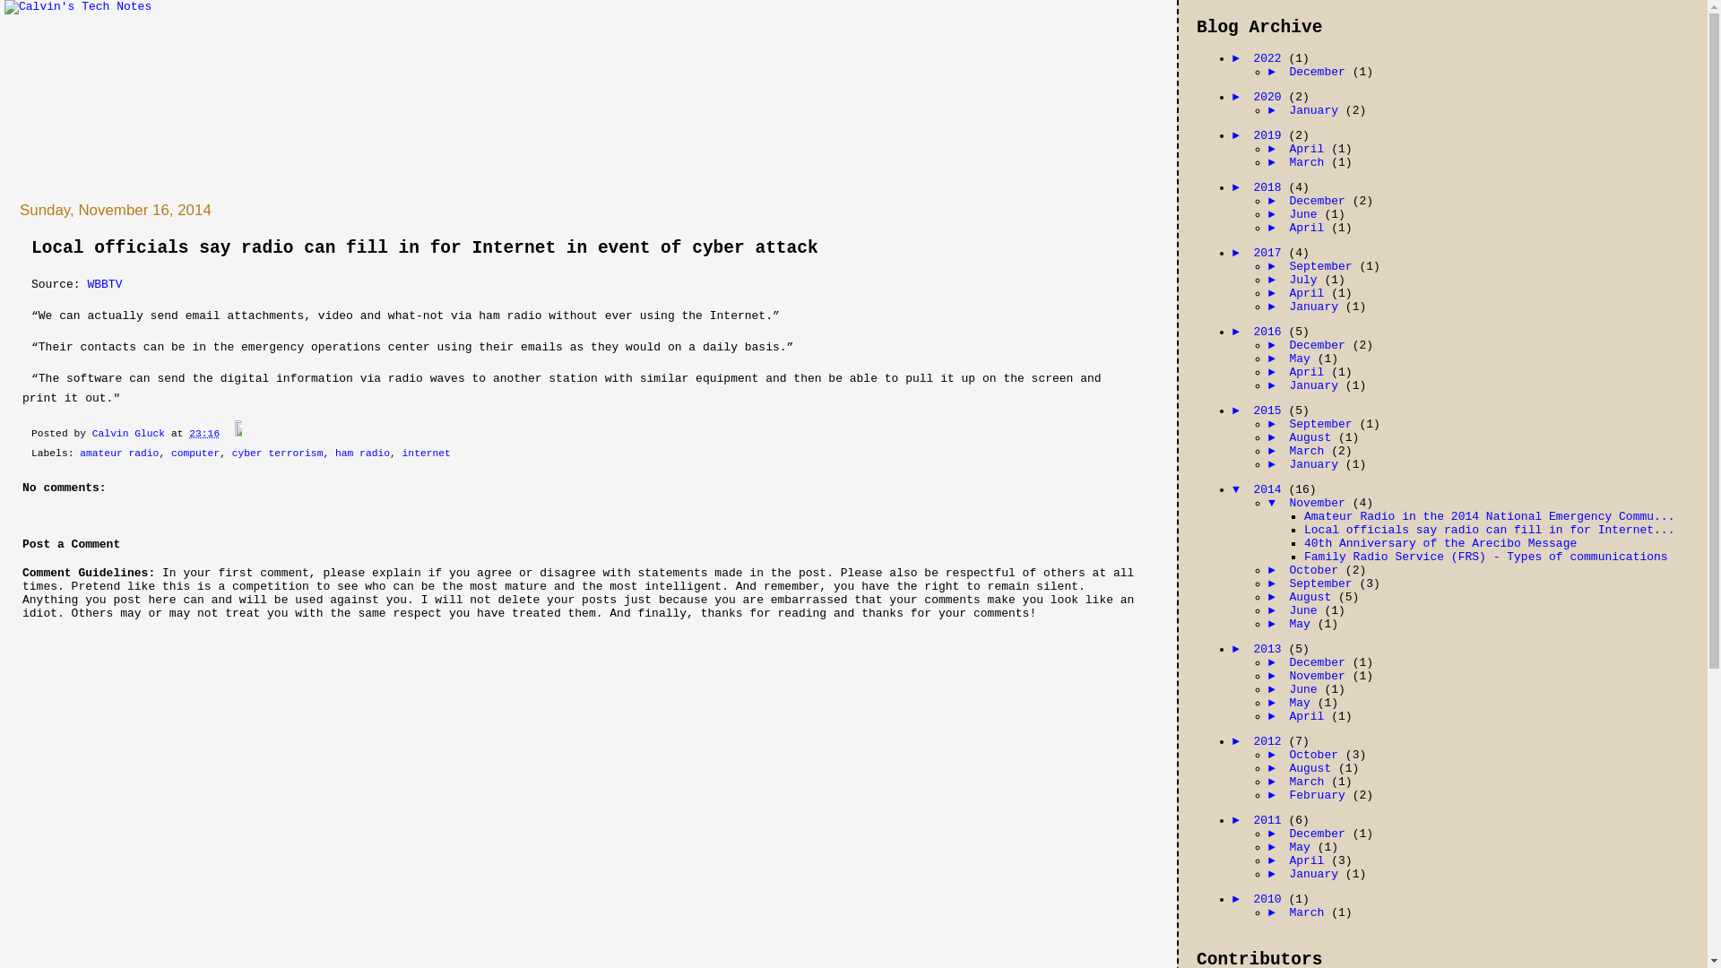 This screenshot has width=1721, height=968. I want to click on 'November', so click(1320, 676).